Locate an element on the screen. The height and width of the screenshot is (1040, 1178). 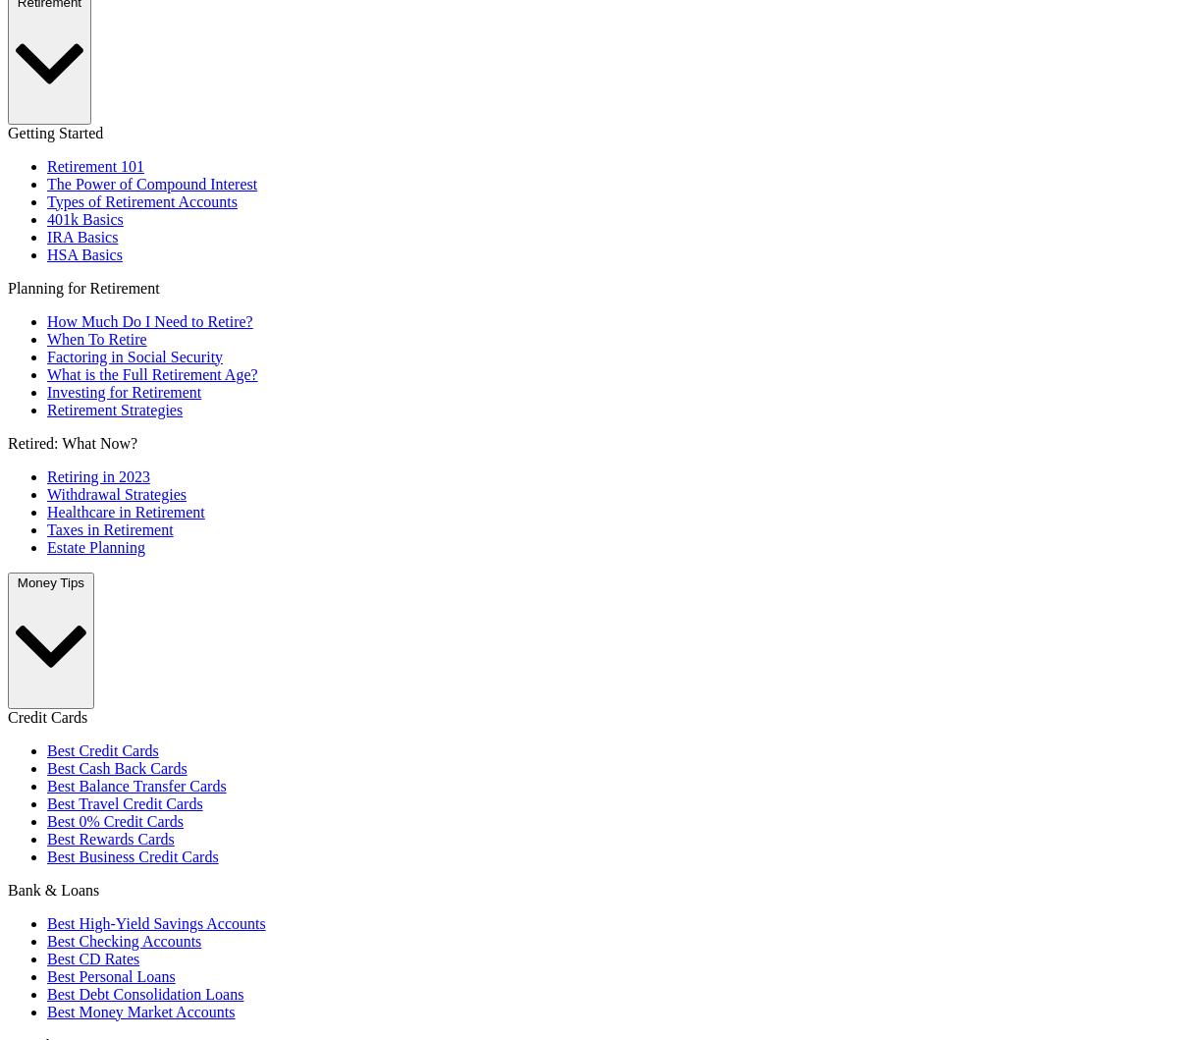
'Estate Planning' is located at coordinates (95, 545).